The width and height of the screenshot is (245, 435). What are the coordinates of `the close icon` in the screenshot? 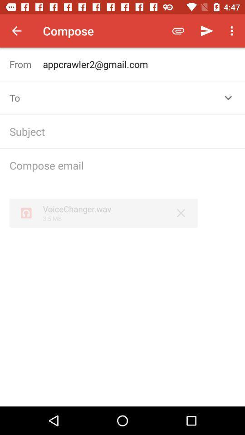 It's located at (181, 213).